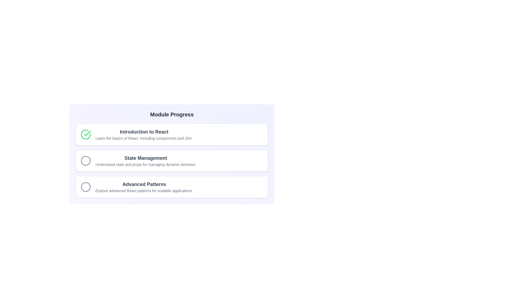 The height and width of the screenshot is (289, 515). Describe the element at coordinates (144, 191) in the screenshot. I see `the text label that reads 'Explore advanced React patterns for scalable applications.' located below the bold header in the 'Advanced Patterns' section` at that location.